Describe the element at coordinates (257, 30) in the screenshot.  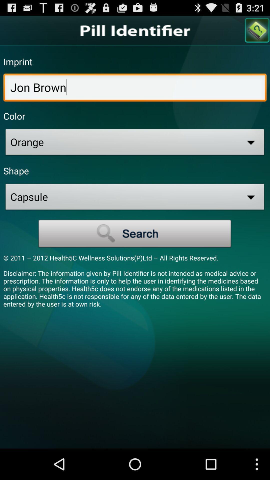
I see `search page` at that location.